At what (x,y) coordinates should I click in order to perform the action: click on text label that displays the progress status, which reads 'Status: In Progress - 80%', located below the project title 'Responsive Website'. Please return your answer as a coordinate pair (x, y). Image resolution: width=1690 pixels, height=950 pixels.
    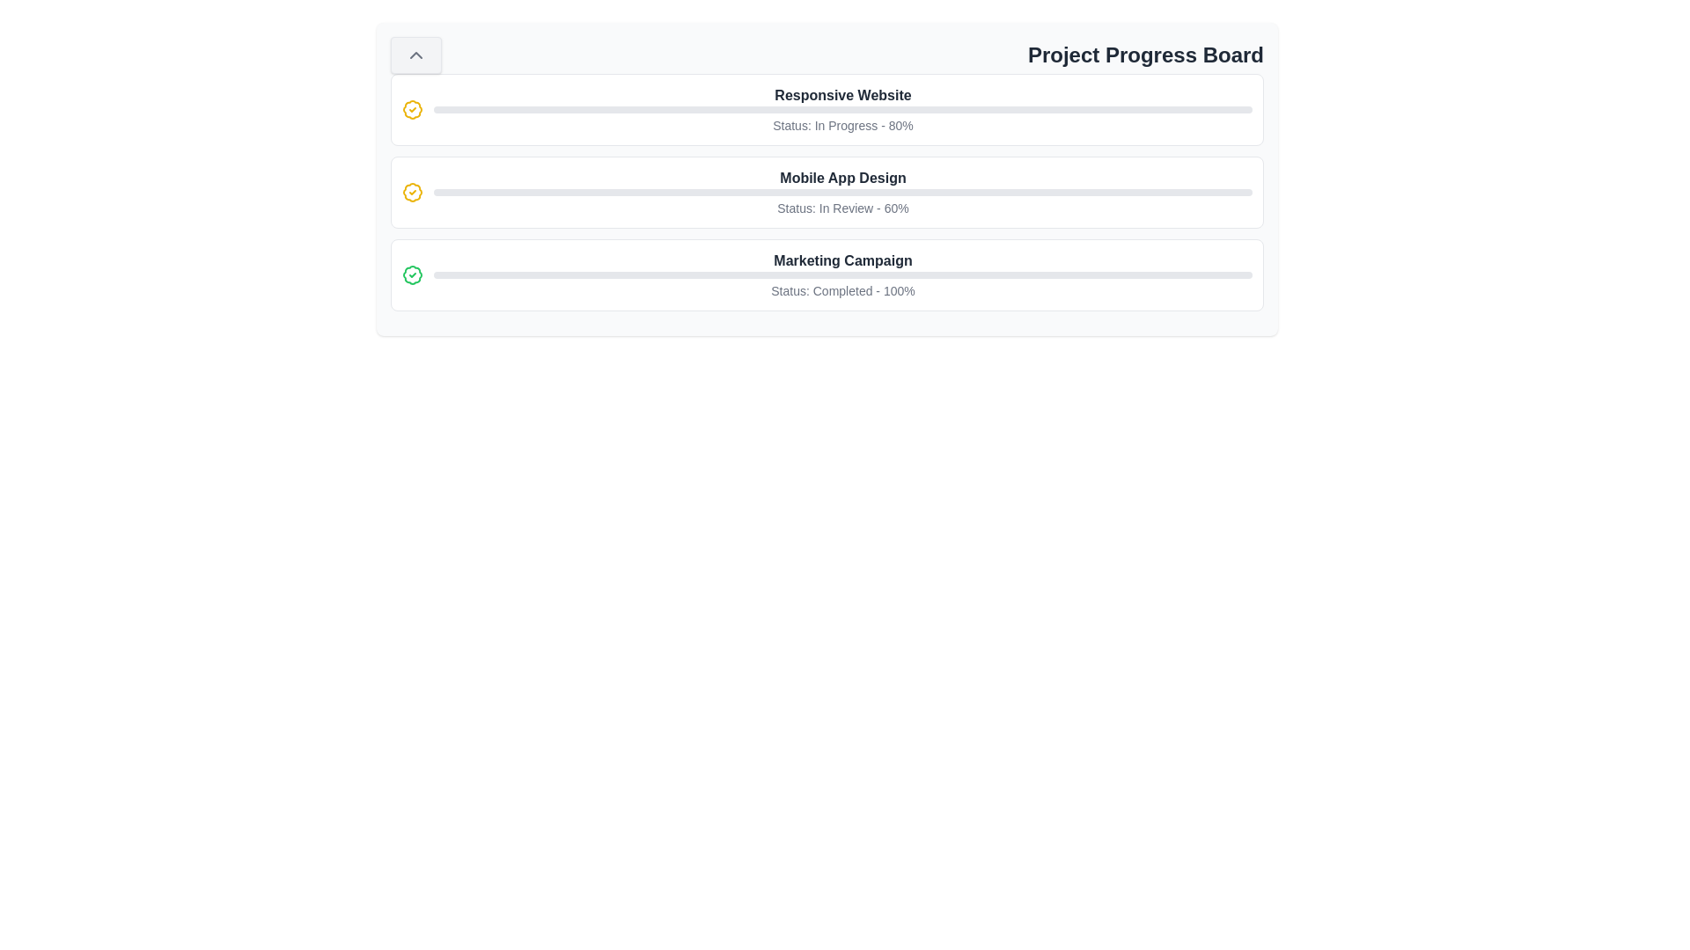
    Looking at the image, I should click on (842, 124).